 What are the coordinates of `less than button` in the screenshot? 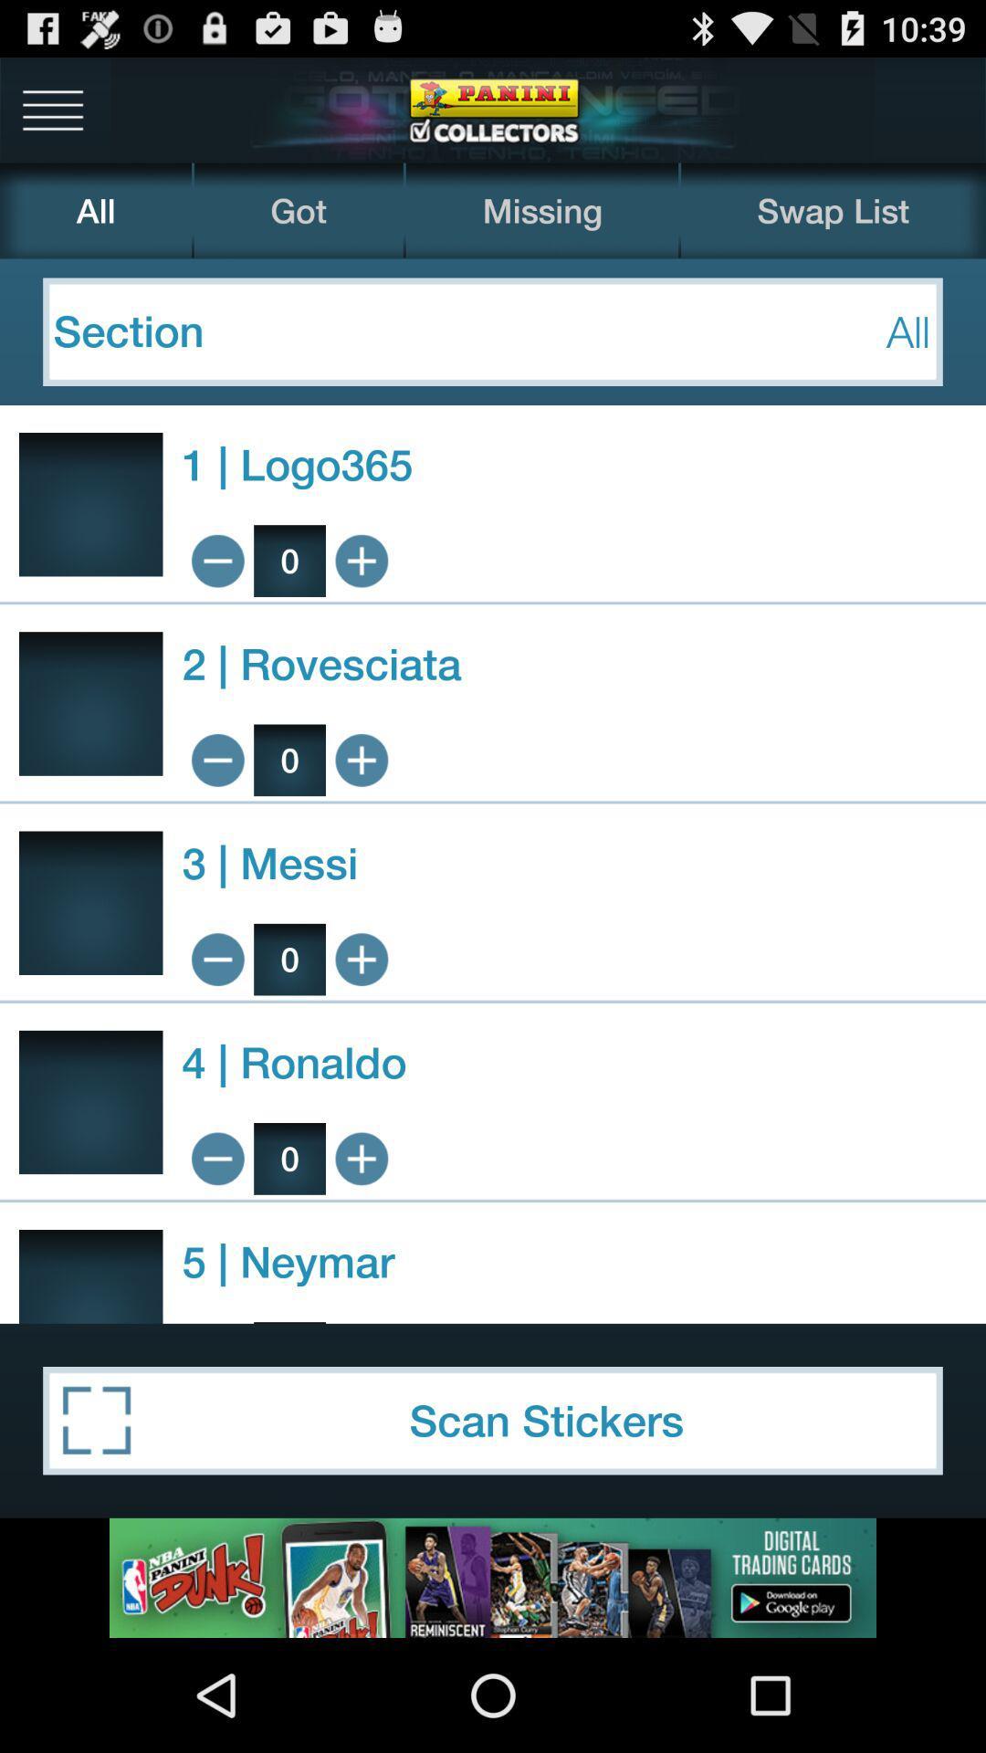 It's located at (216, 1158).